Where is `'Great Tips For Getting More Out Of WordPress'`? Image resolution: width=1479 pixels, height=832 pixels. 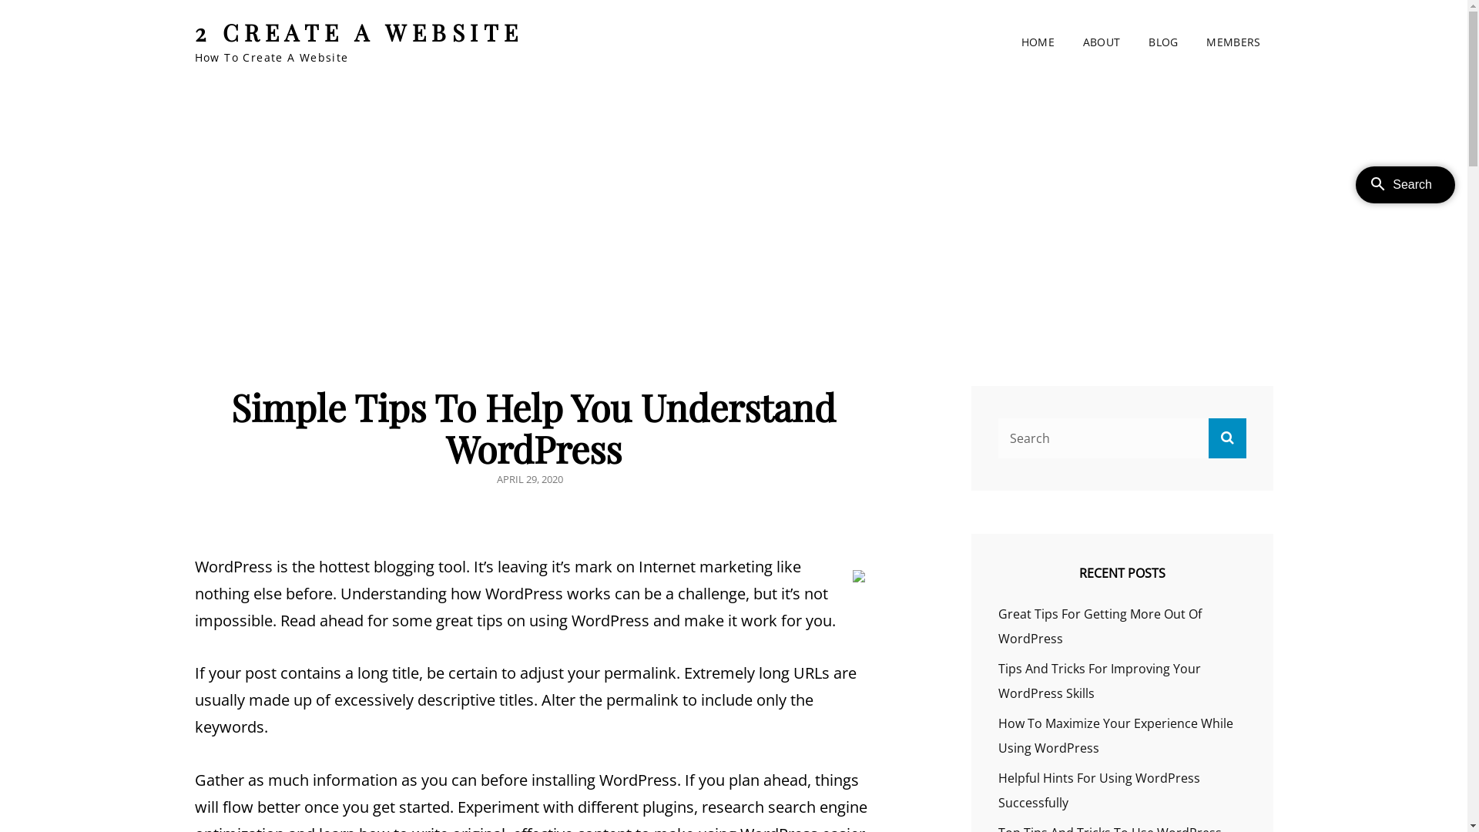
'Great Tips For Getting More Out Of WordPress' is located at coordinates (1099, 626).